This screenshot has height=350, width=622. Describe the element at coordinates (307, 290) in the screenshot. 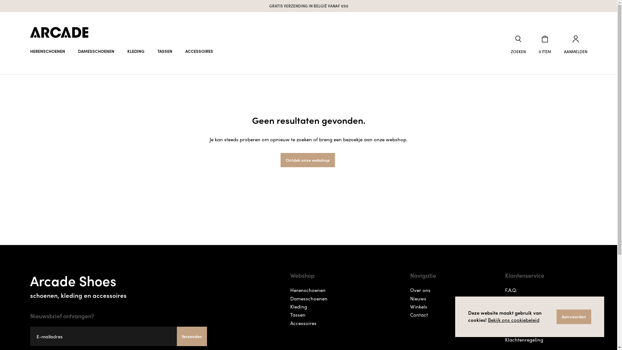

I see `'Herenschoenen'` at that location.